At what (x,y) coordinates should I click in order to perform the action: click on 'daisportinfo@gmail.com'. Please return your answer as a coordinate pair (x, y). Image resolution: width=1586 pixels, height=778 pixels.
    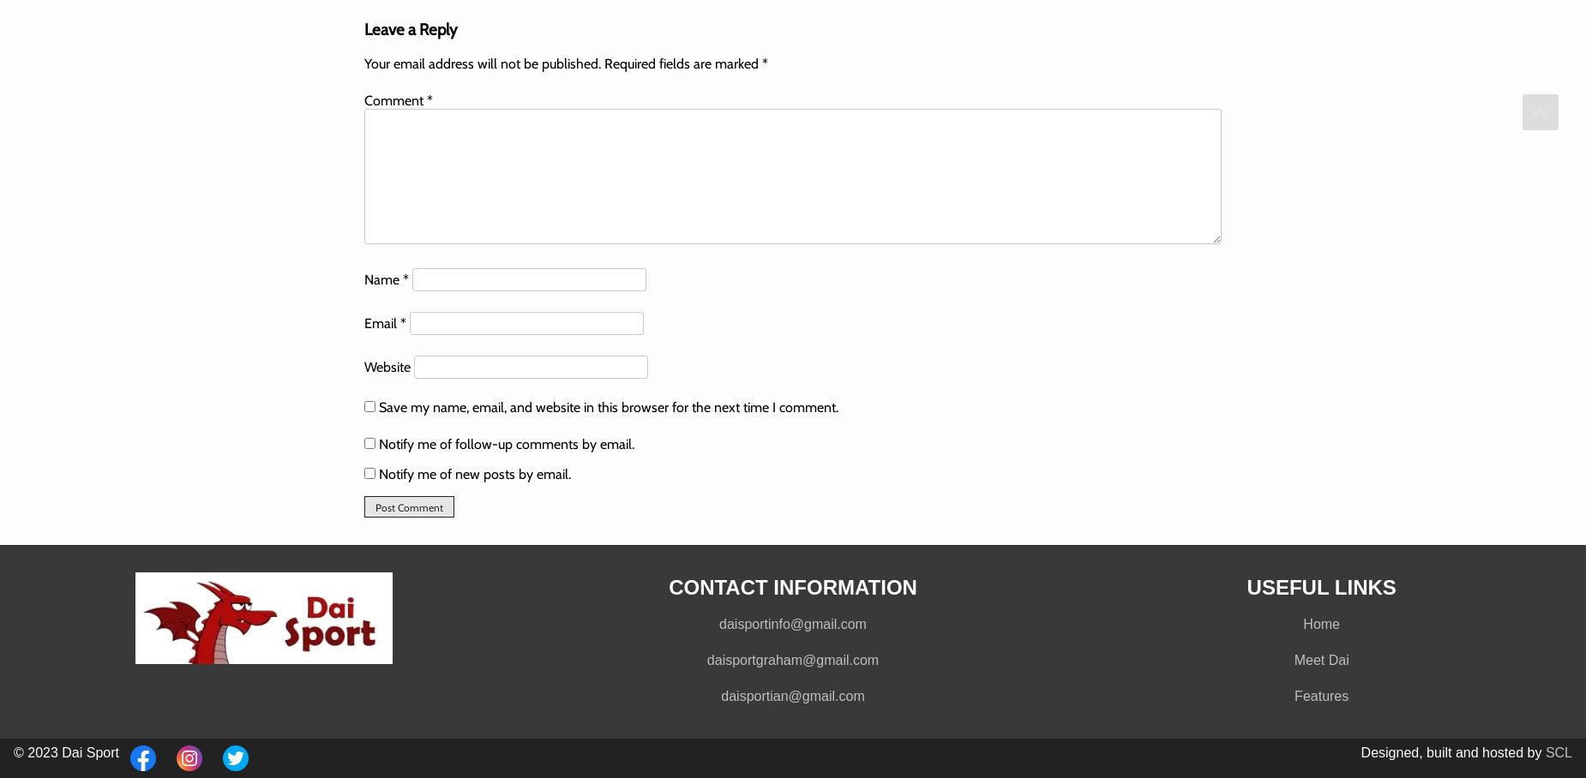
    Looking at the image, I should click on (792, 624).